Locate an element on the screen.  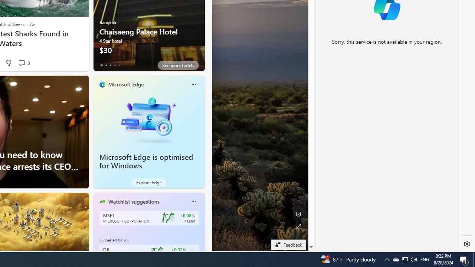
'Dislike' is located at coordinates (8, 63).